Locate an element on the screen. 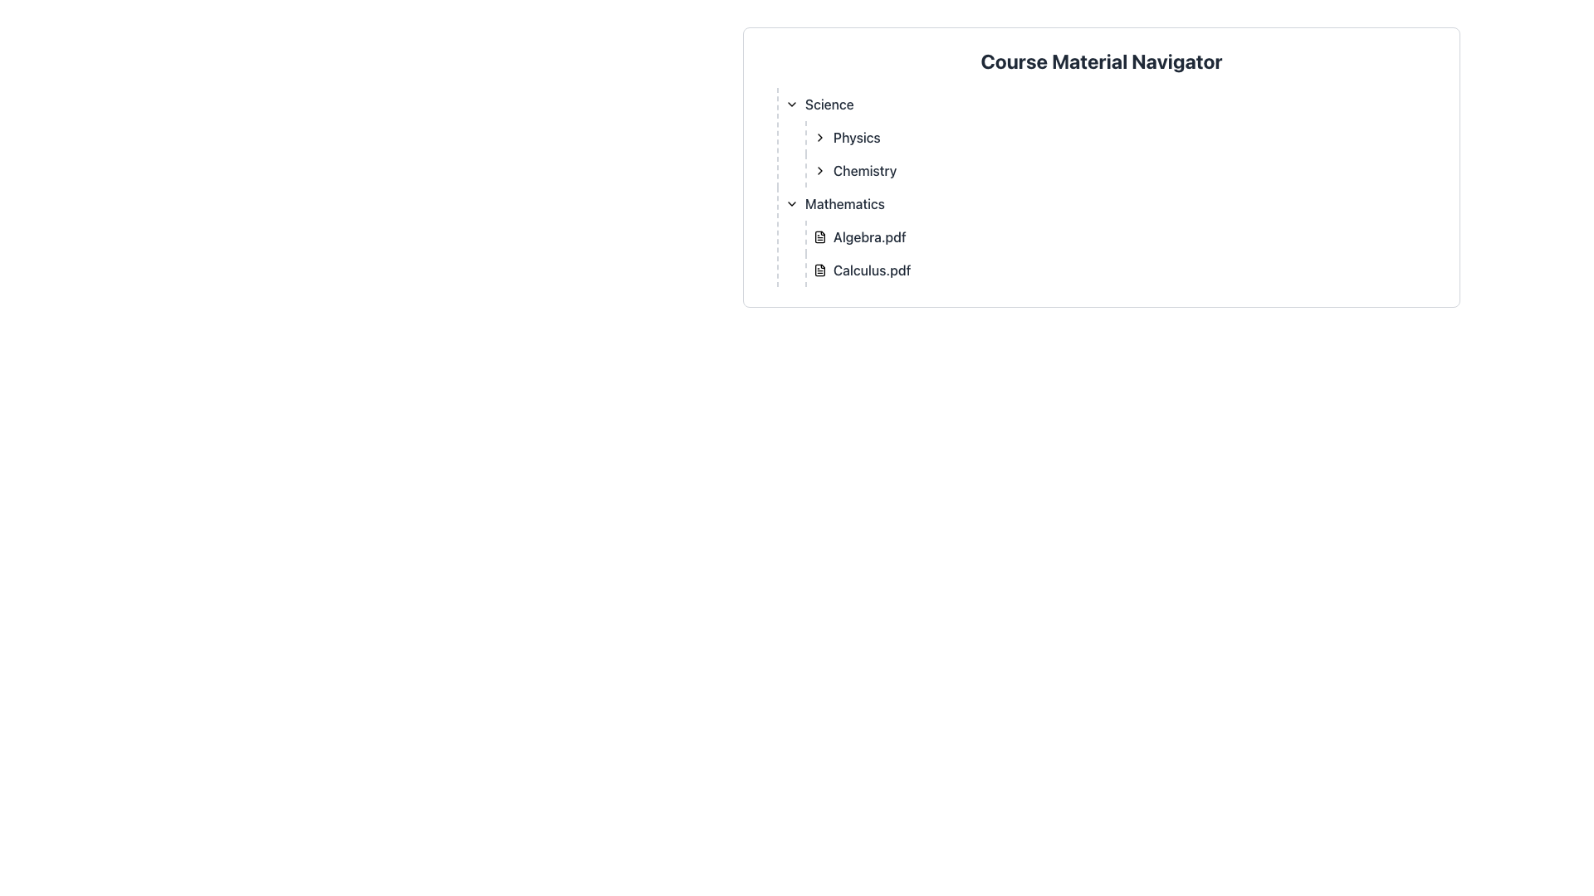  the downward-pointing chevron icon located to the left of the 'Mathematics' label is located at coordinates (791, 203).